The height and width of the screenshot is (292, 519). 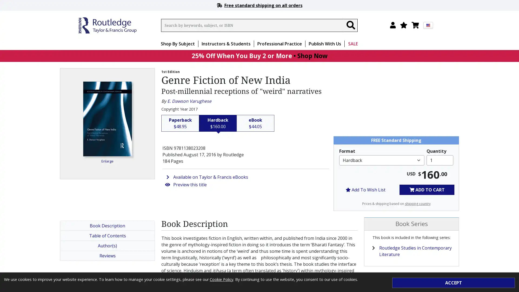 I want to click on Hardback $160.00, so click(x=218, y=123).